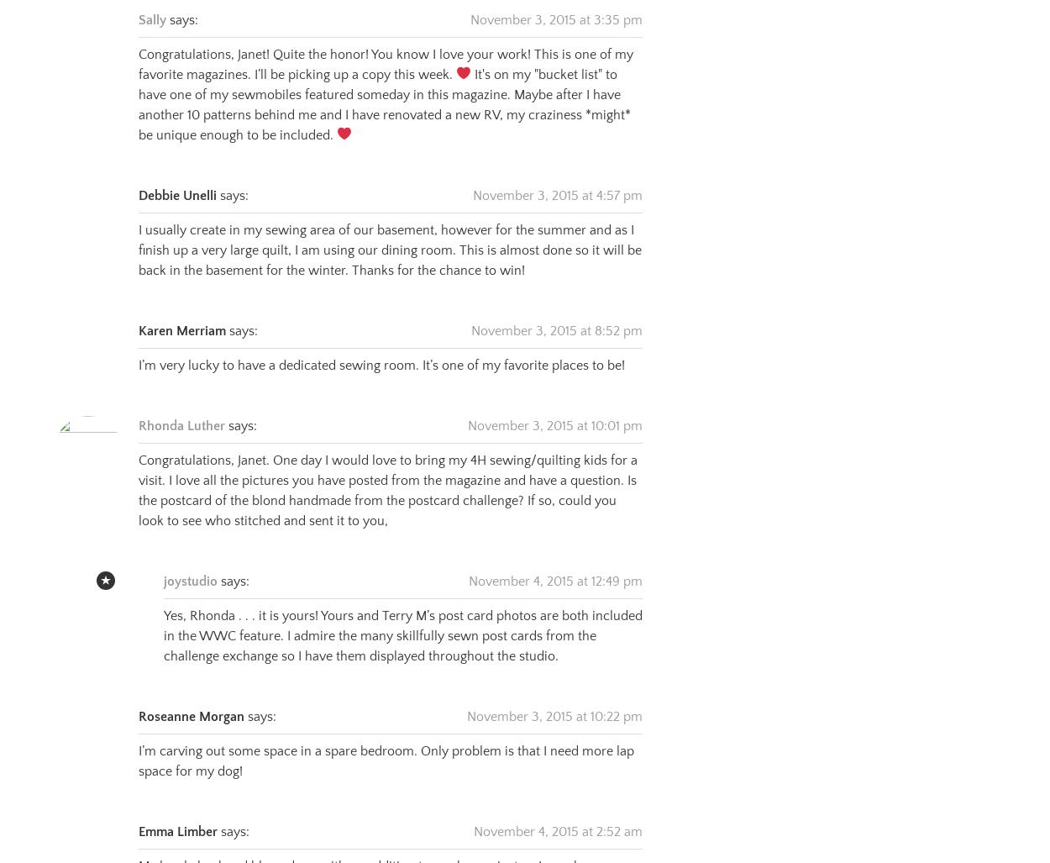  What do you see at coordinates (557, 310) in the screenshot?
I see `'November 3, 2015 at 8:52 pm'` at bounding box center [557, 310].